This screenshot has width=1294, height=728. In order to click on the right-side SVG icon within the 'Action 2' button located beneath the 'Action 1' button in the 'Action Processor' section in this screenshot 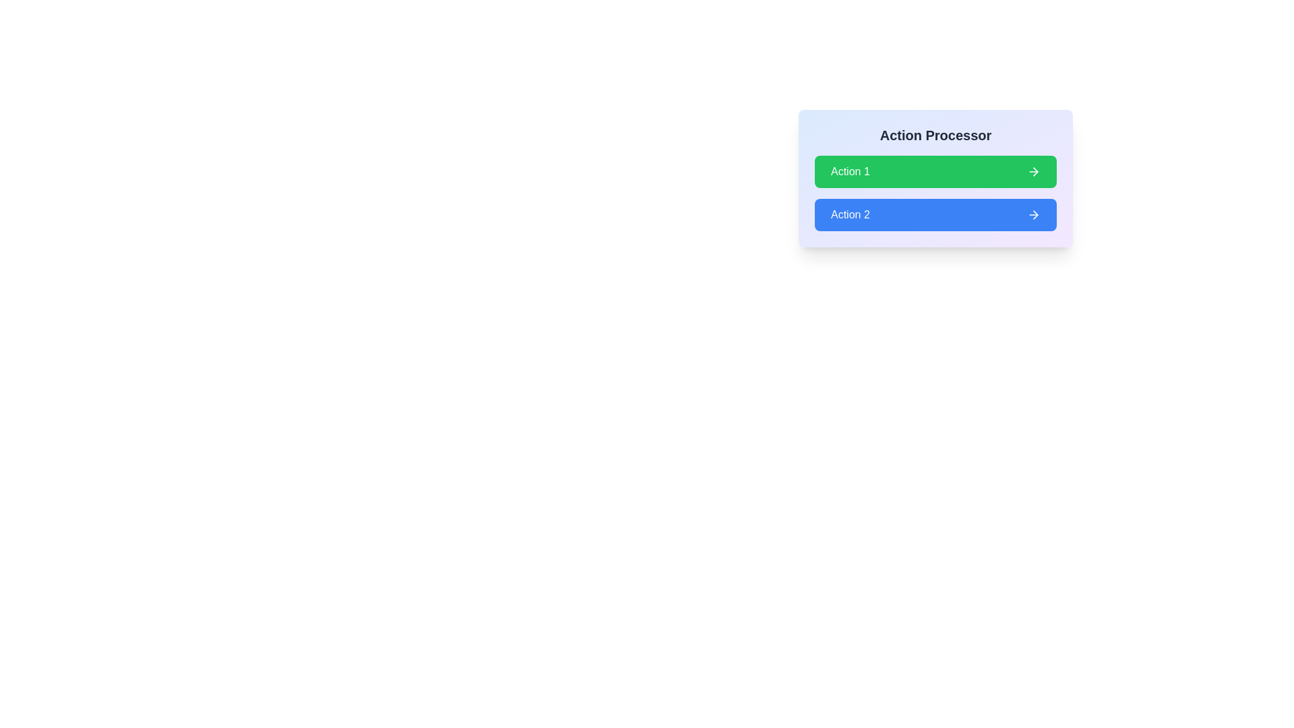, I will do `click(1033, 214)`.